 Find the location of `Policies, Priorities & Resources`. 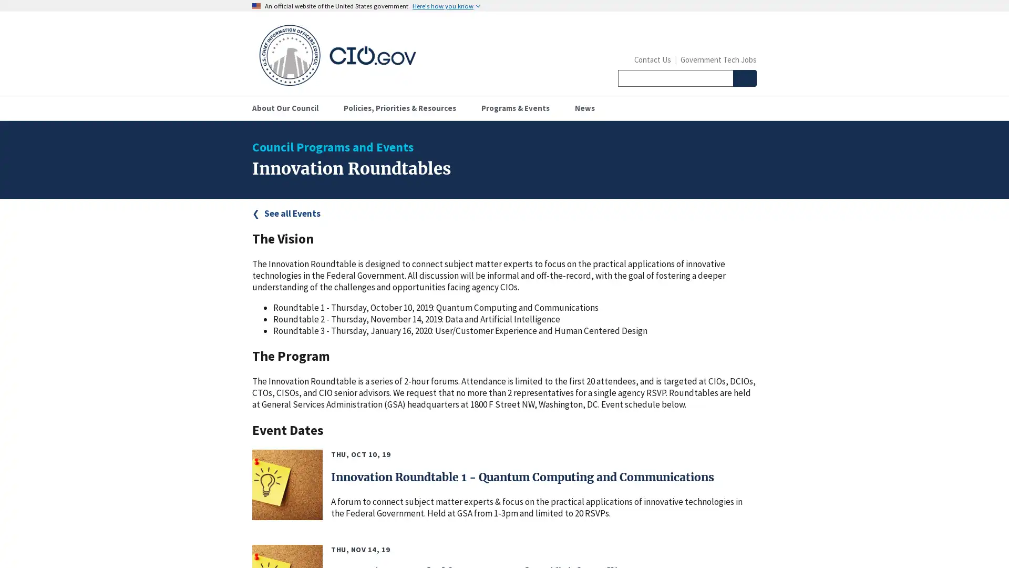

Policies, Priorities & Resources is located at coordinates (403, 108).